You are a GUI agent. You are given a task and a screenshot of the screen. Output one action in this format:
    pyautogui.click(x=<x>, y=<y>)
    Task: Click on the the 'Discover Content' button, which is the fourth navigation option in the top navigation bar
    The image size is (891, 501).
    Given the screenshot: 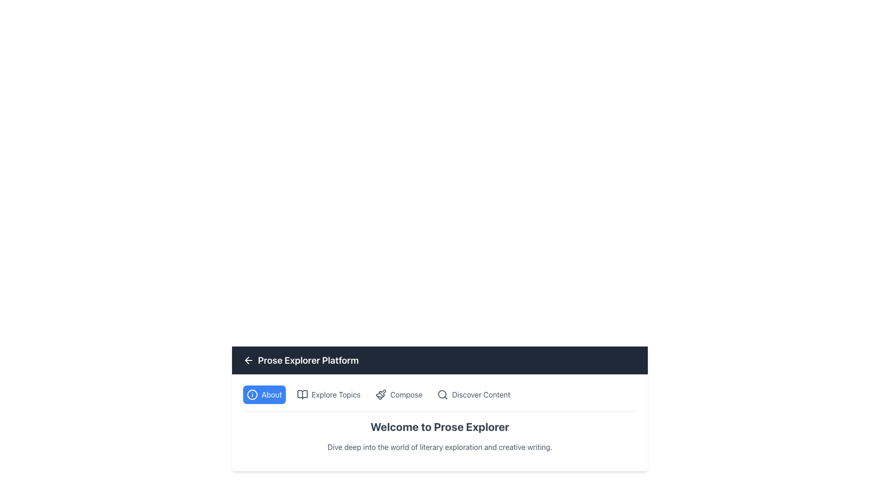 What is the action you would take?
    pyautogui.click(x=474, y=395)
    